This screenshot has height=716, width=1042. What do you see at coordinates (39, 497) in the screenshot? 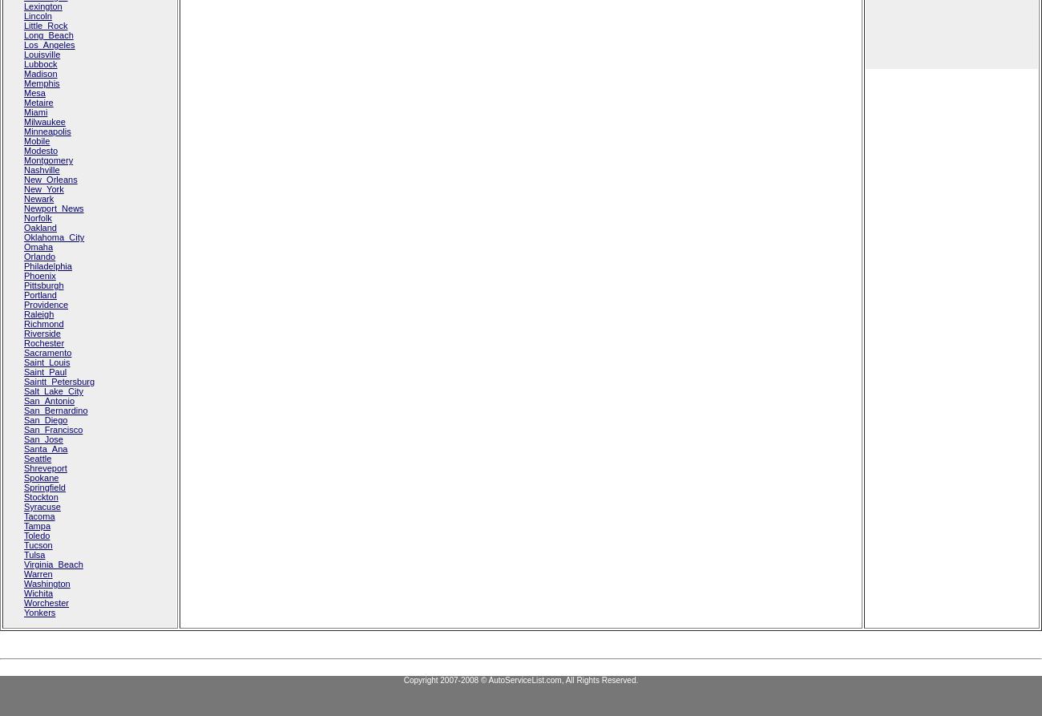
I see `'Stockton'` at bounding box center [39, 497].